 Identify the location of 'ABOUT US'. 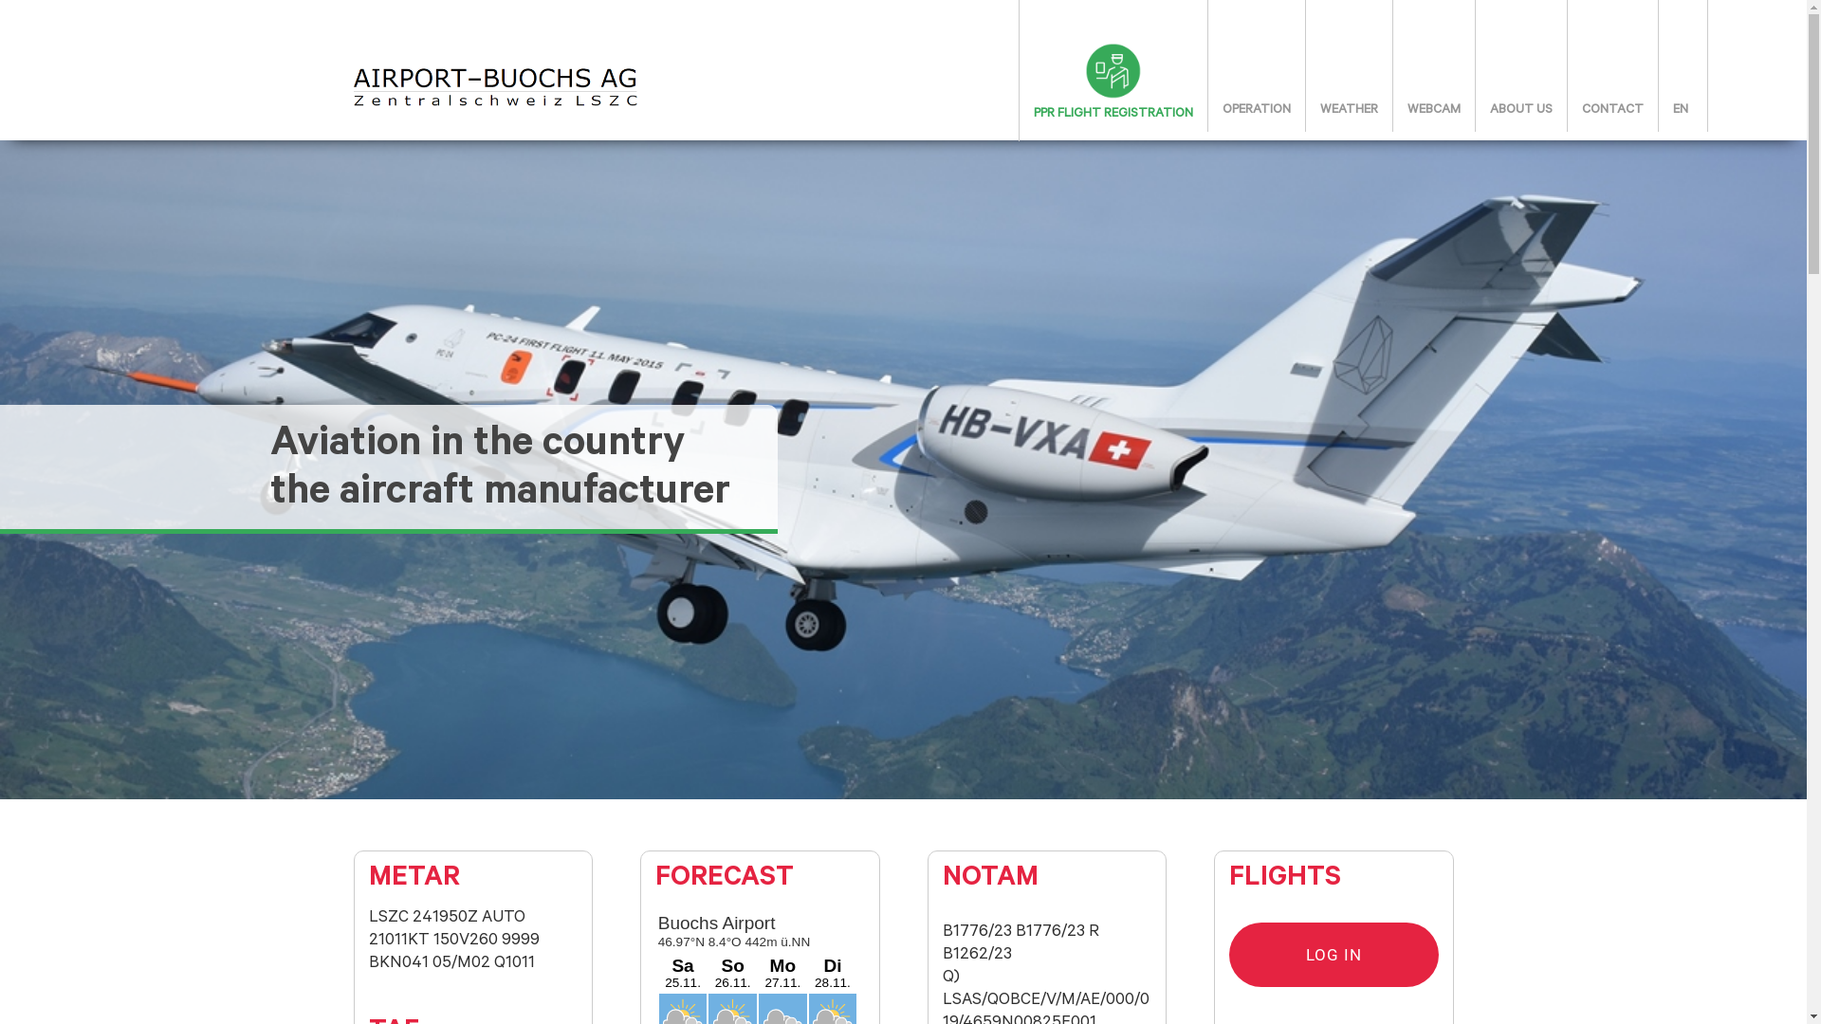
(1520, 110).